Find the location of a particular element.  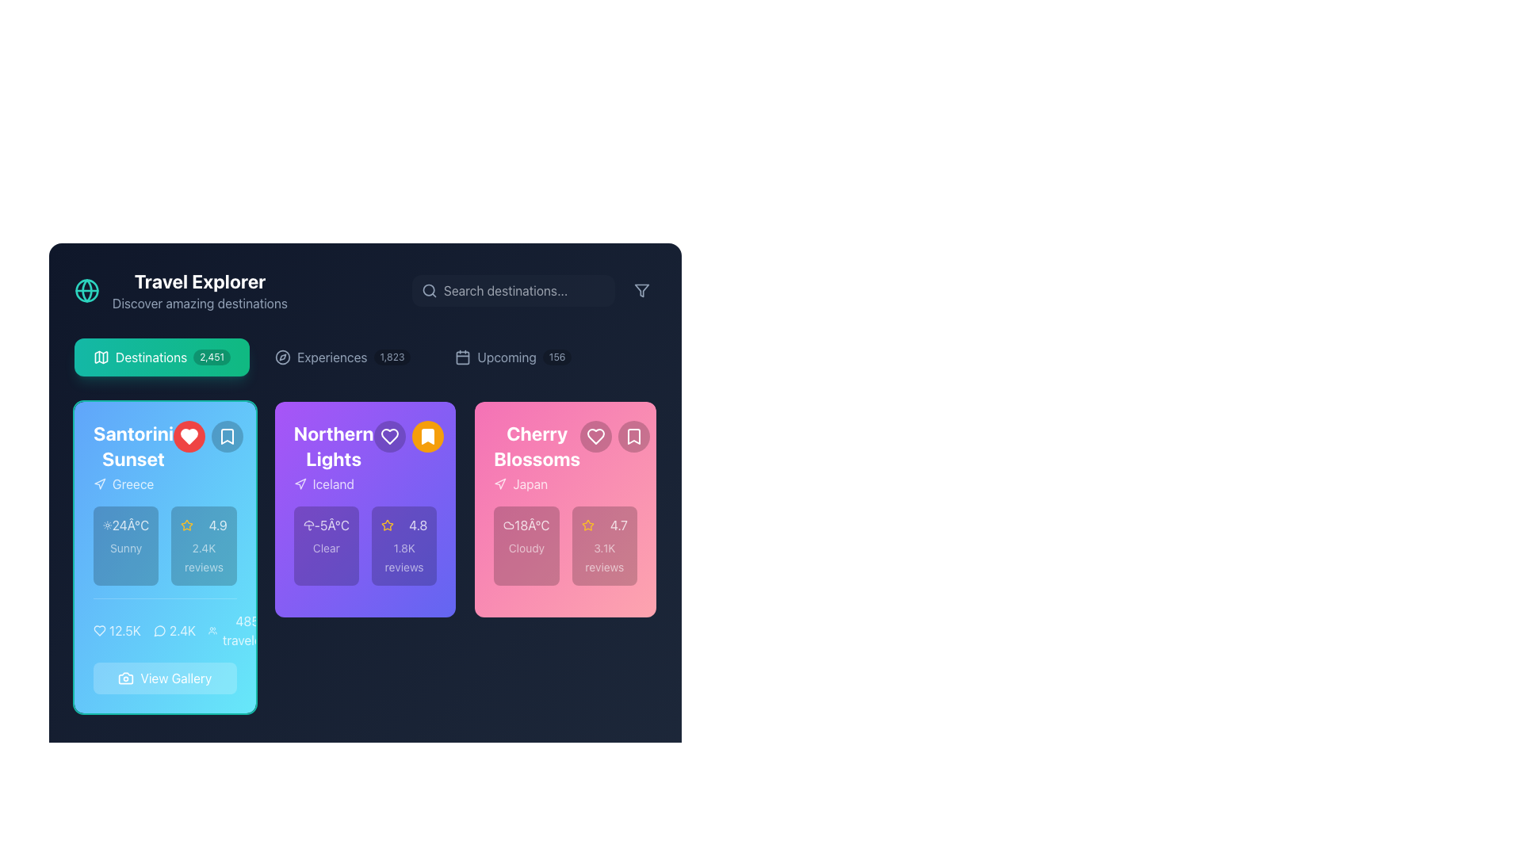

the static text label displaying '1.8K reviews', which is positioned below the star rating in the 'Northern Lights' card, set against a dark purple background is located at coordinates (404, 556).